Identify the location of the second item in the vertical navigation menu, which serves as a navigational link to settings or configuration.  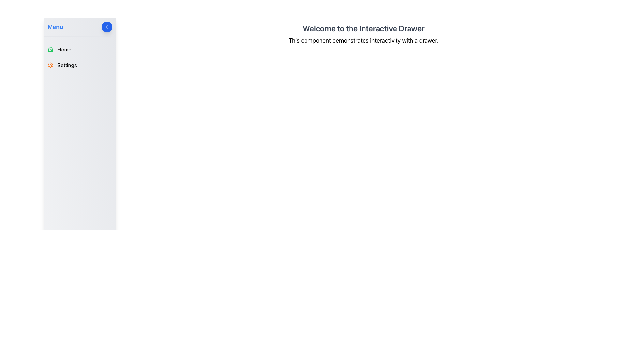
(79, 65).